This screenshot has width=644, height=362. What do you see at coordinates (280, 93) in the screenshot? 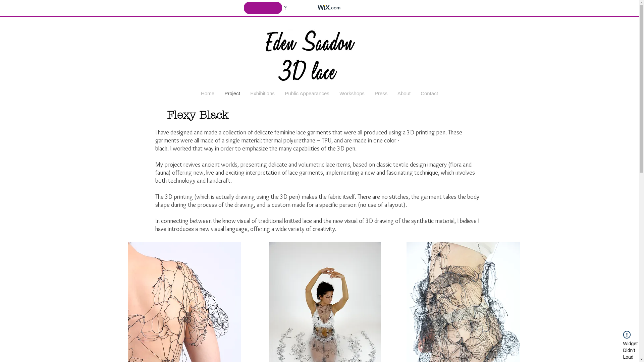
I see `'Public Appearances'` at bounding box center [280, 93].